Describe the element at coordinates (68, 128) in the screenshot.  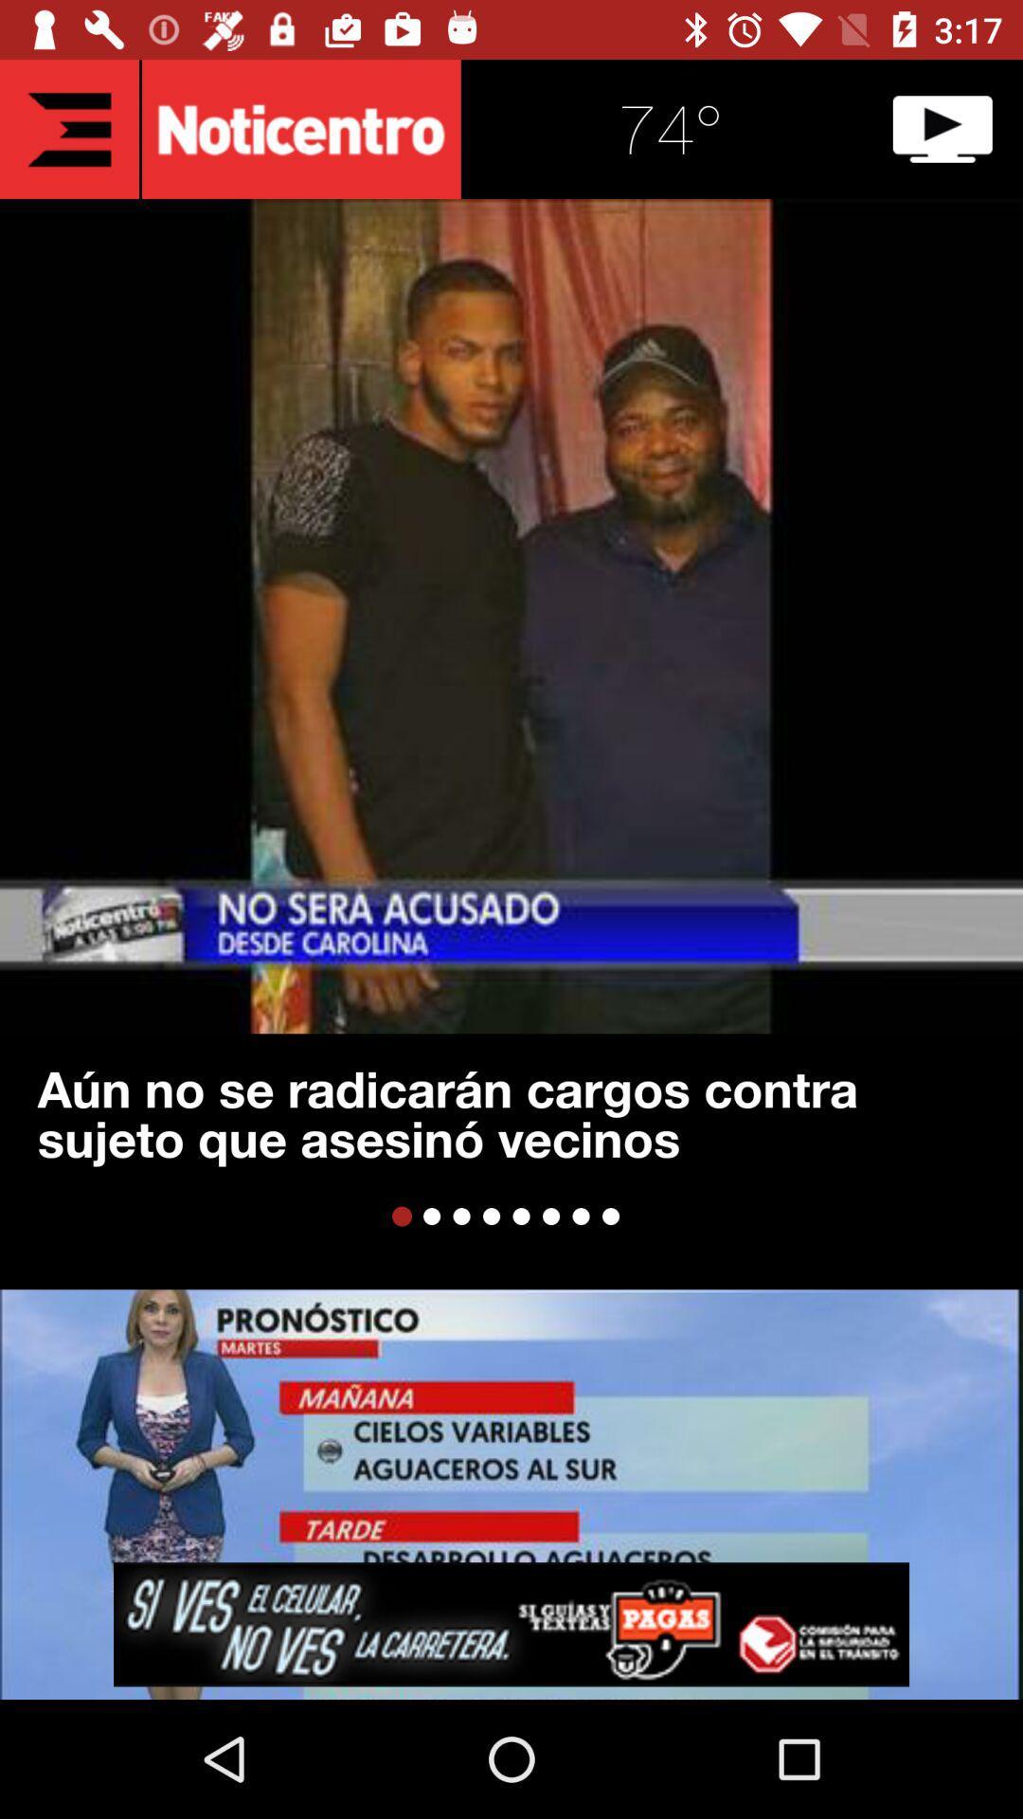
I see `return to main screen` at that location.